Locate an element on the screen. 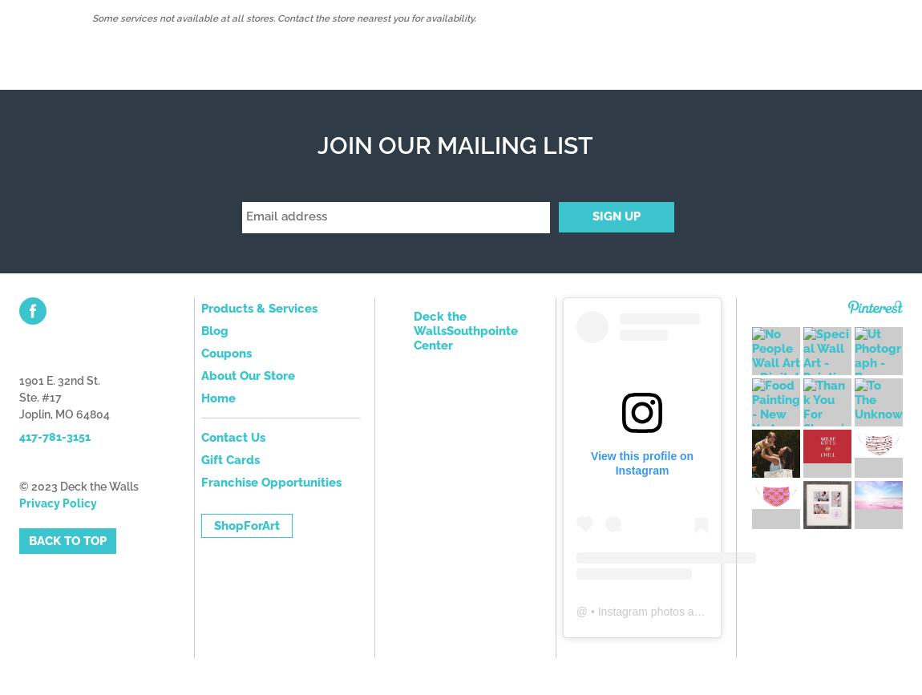 The width and height of the screenshot is (922, 695). 'Back to Top' is located at coordinates (67, 539).